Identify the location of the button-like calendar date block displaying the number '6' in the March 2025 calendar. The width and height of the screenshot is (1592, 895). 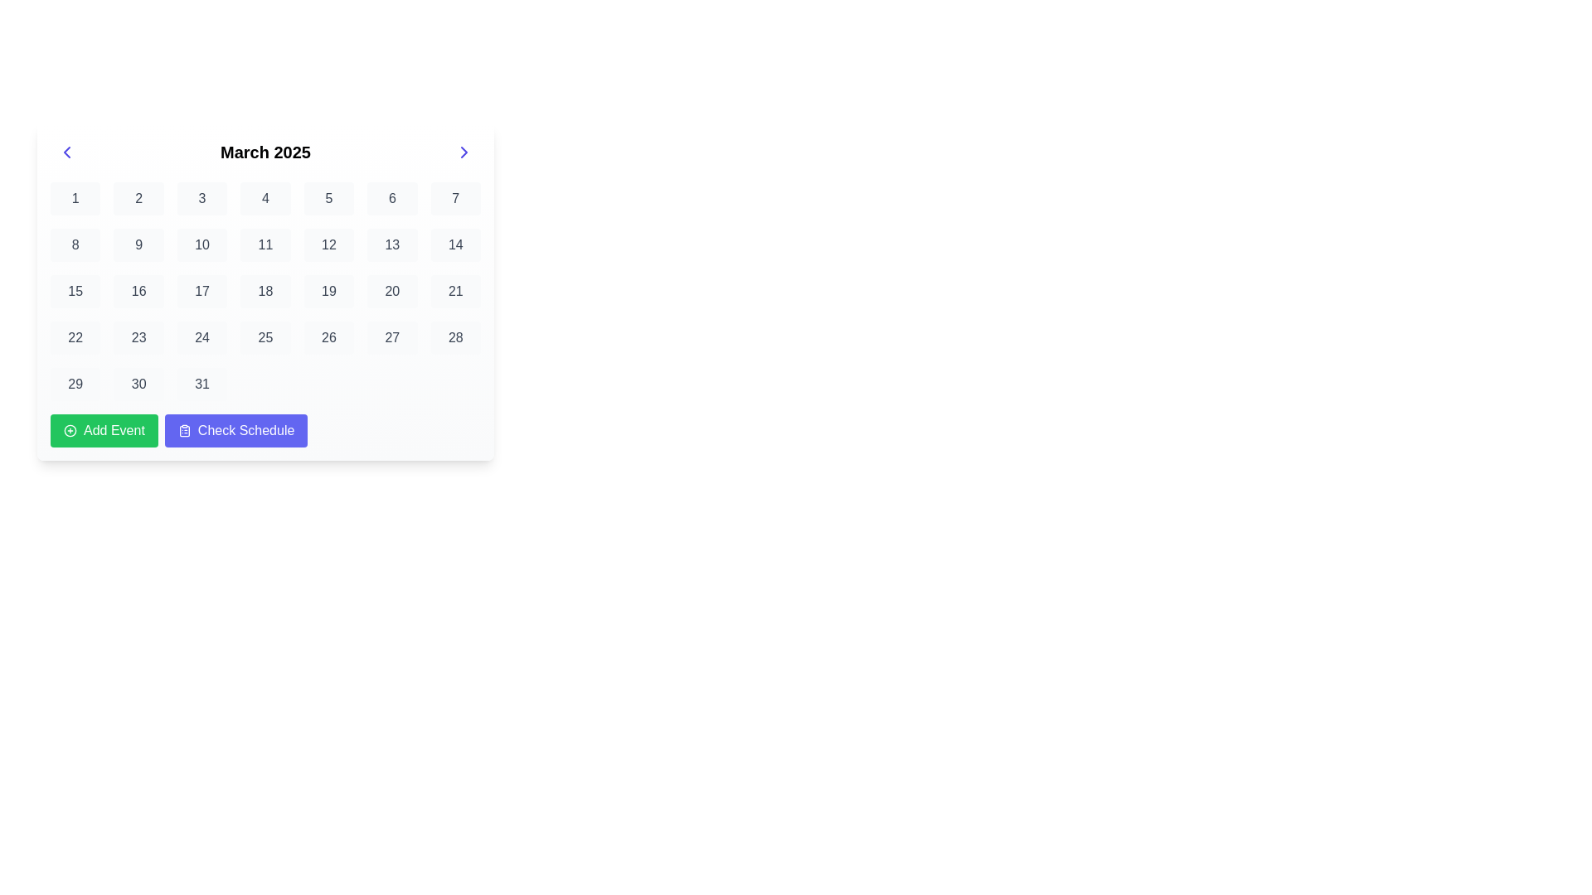
(391, 197).